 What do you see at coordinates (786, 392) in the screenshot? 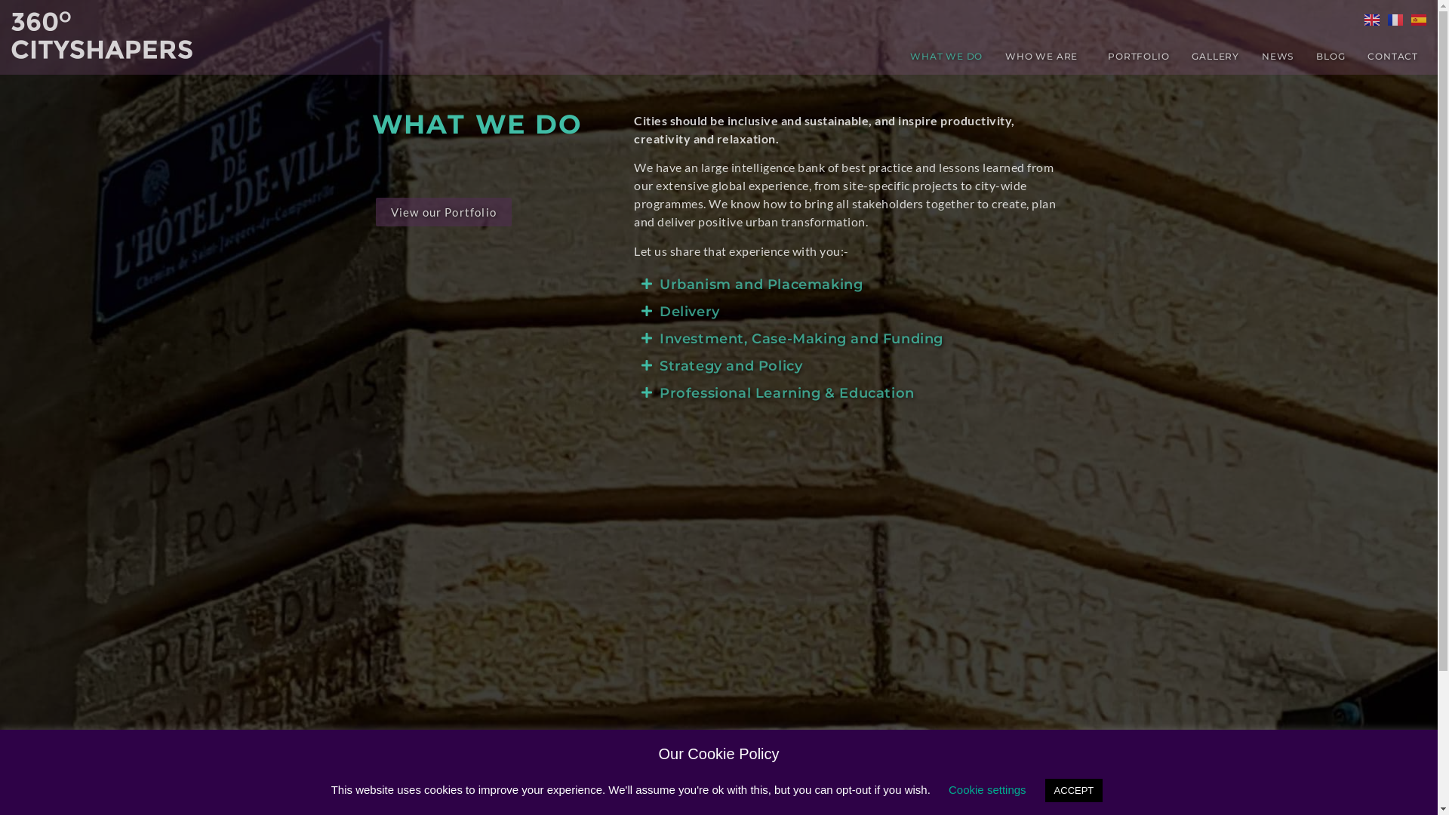
I see `'Professional Learning & Education'` at bounding box center [786, 392].